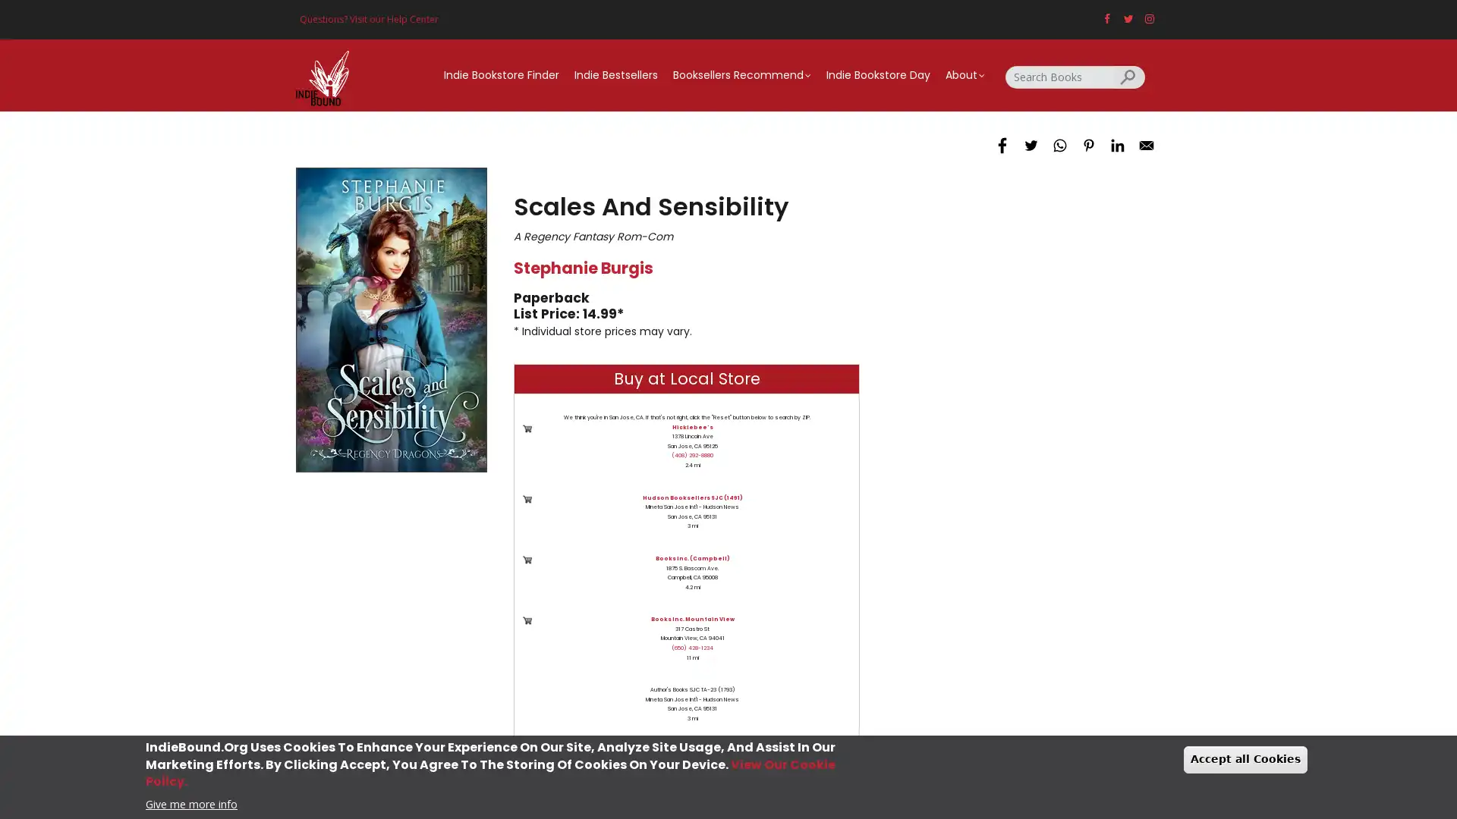 This screenshot has height=819, width=1457. Describe the element at coordinates (1129, 76) in the screenshot. I see `Search` at that location.